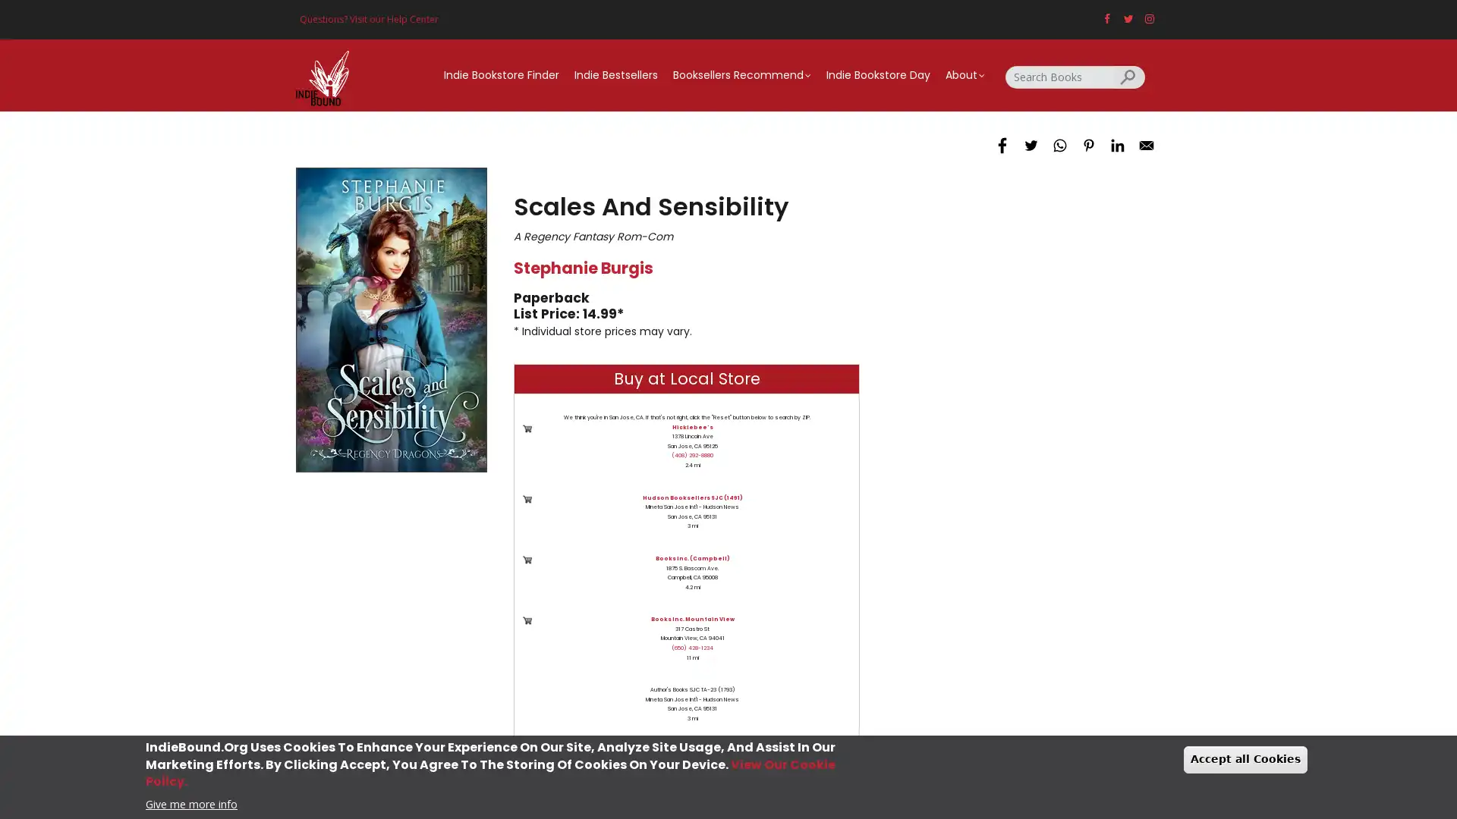 This screenshot has height=819, width=1457. Describe the element at coordinates (1129, 76) in the screenshot. I see `Search` at that location.